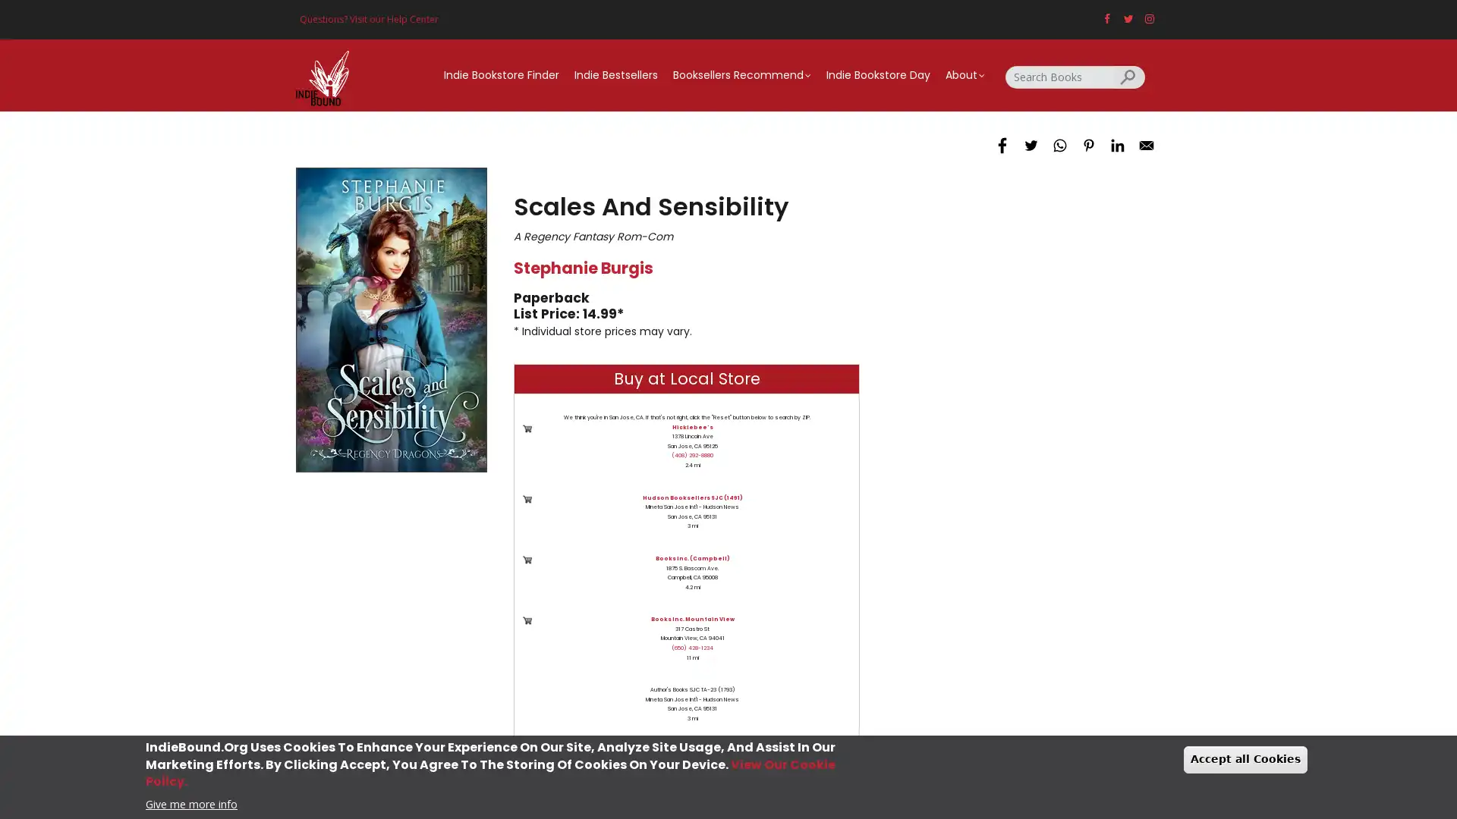 This screenshot has height=819, width=1457. Describe the element at coordinates (1129, 76) in the screenshot. I see `Search` at that location.